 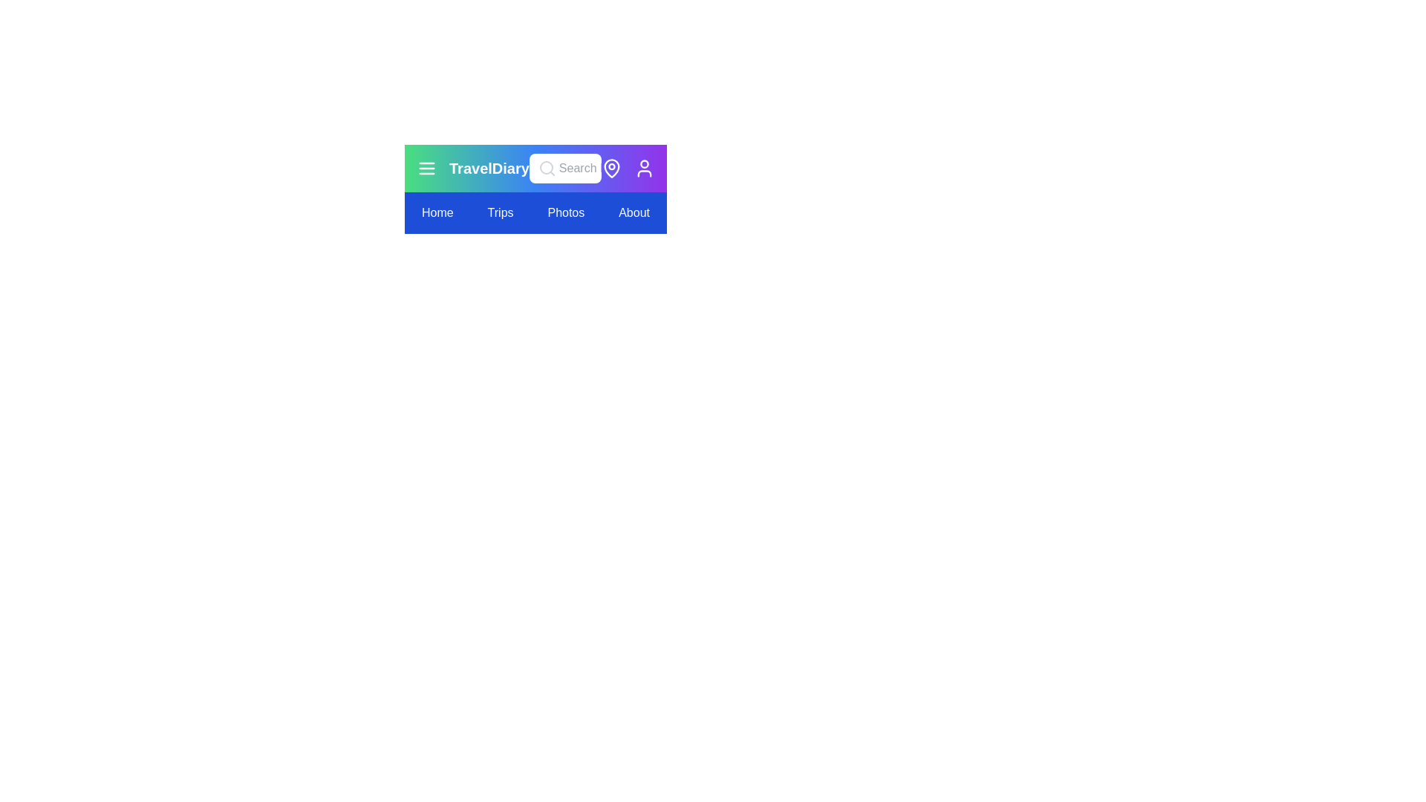 What do you see at coordinates (437, 212) in the screenshot?
I see `the navigation menu item Home to navigate to the respective section` at bounding box center [437, 212].